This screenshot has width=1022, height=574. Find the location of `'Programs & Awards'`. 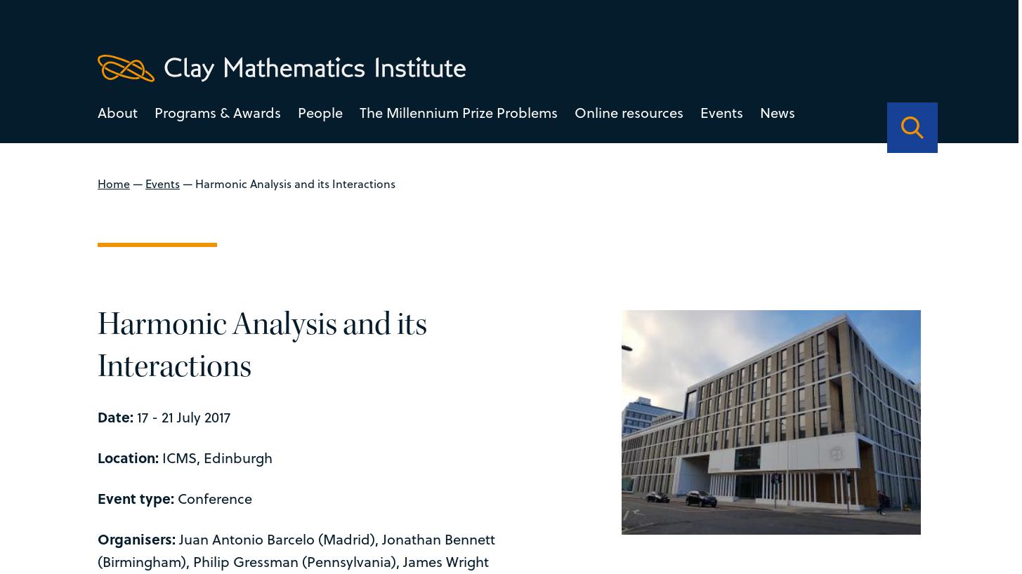

'Programs & Awards' is located at coordinates (154, 111).